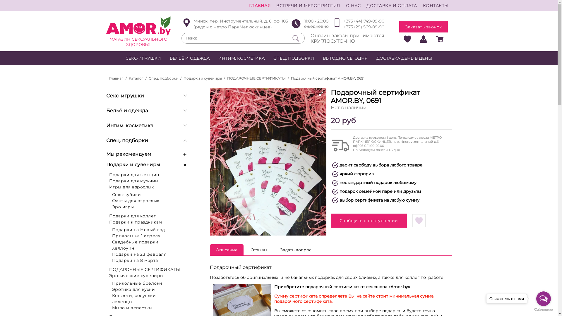  What do you see at coordinates (364, 21) in the screenshot?
I see `'+375 (44) 749-09-90'` at bounding box center [364, 21].